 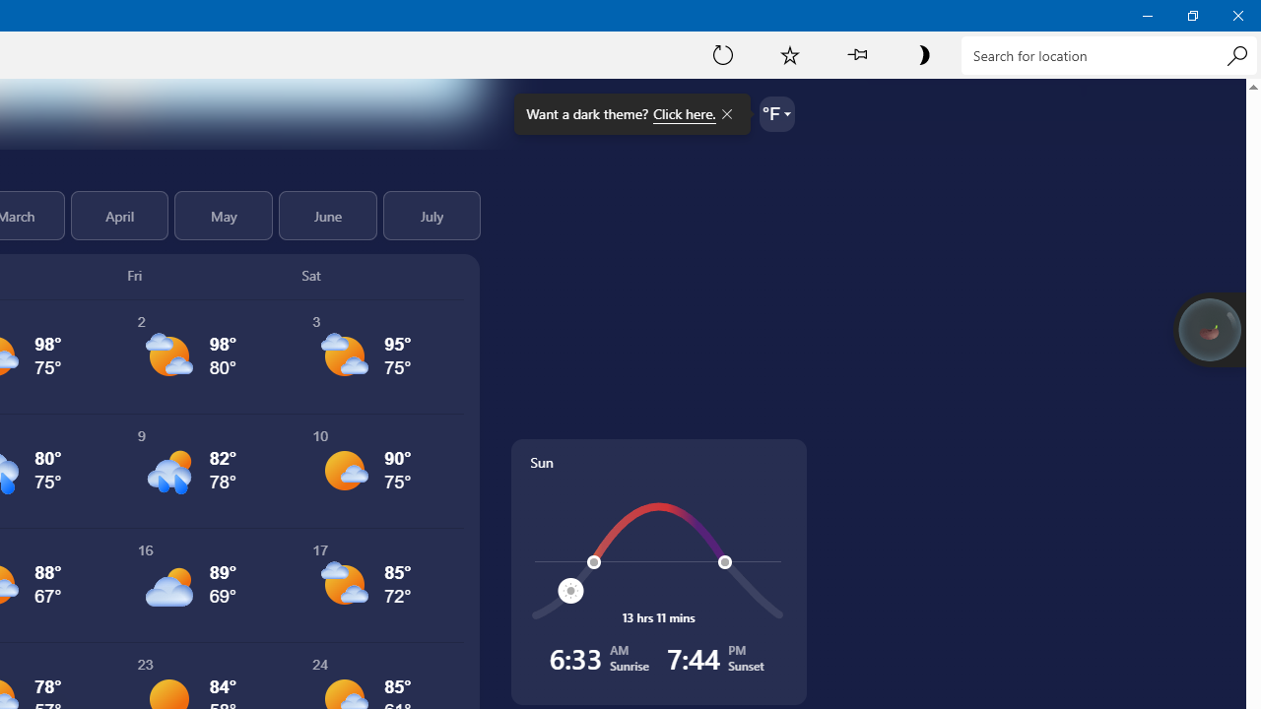 I want to click on 'Search for location', so click(x=1108, y=54).